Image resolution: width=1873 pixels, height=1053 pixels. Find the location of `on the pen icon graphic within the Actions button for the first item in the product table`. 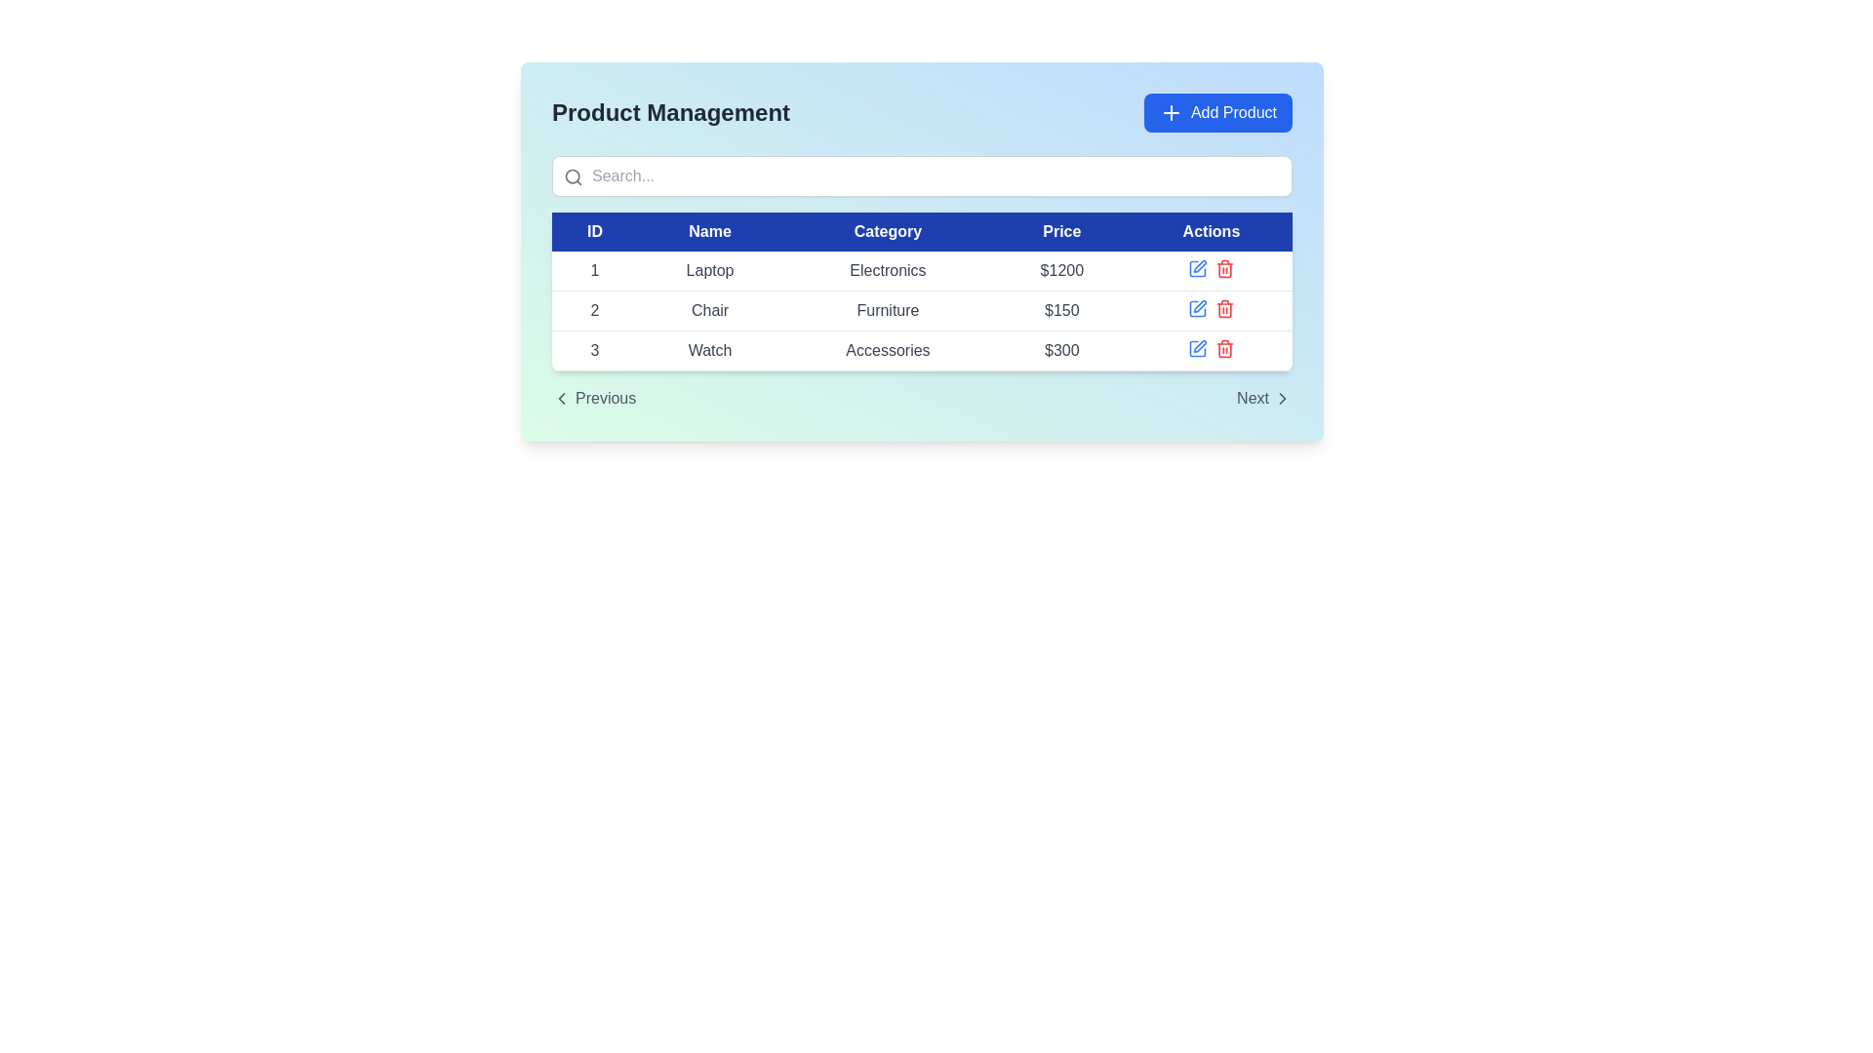

on the pen icon graphic within the Actions button for the first item in the product table is located at coordinates (1197, 269).